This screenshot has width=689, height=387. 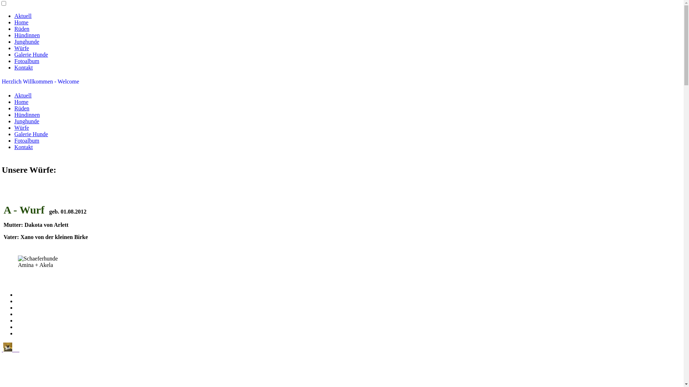 I want to click on 'Aktuell', so click(x=14, y=95).